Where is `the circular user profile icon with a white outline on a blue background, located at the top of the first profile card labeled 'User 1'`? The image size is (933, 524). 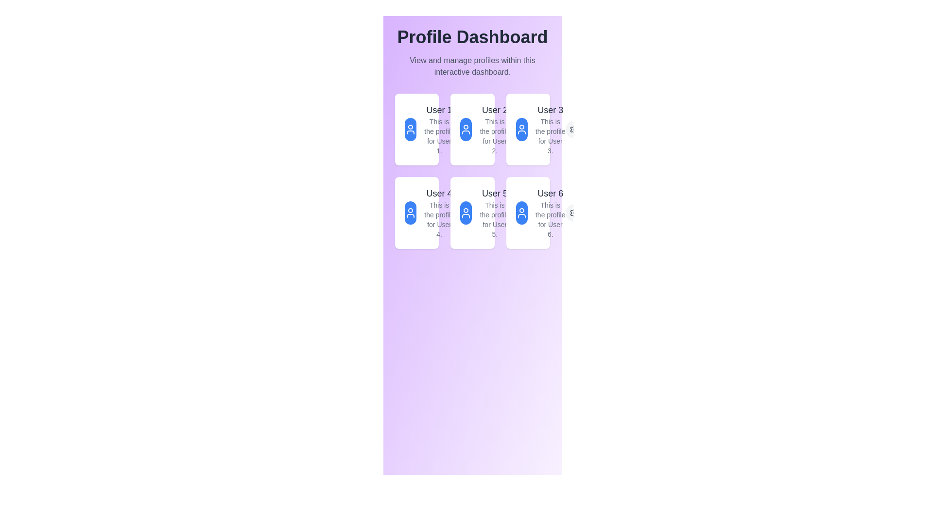
the circular user profile icon with a white outline on a blue background, located at the top of the first profile card labeled 'User 1' is located at coordinates (410, 129).